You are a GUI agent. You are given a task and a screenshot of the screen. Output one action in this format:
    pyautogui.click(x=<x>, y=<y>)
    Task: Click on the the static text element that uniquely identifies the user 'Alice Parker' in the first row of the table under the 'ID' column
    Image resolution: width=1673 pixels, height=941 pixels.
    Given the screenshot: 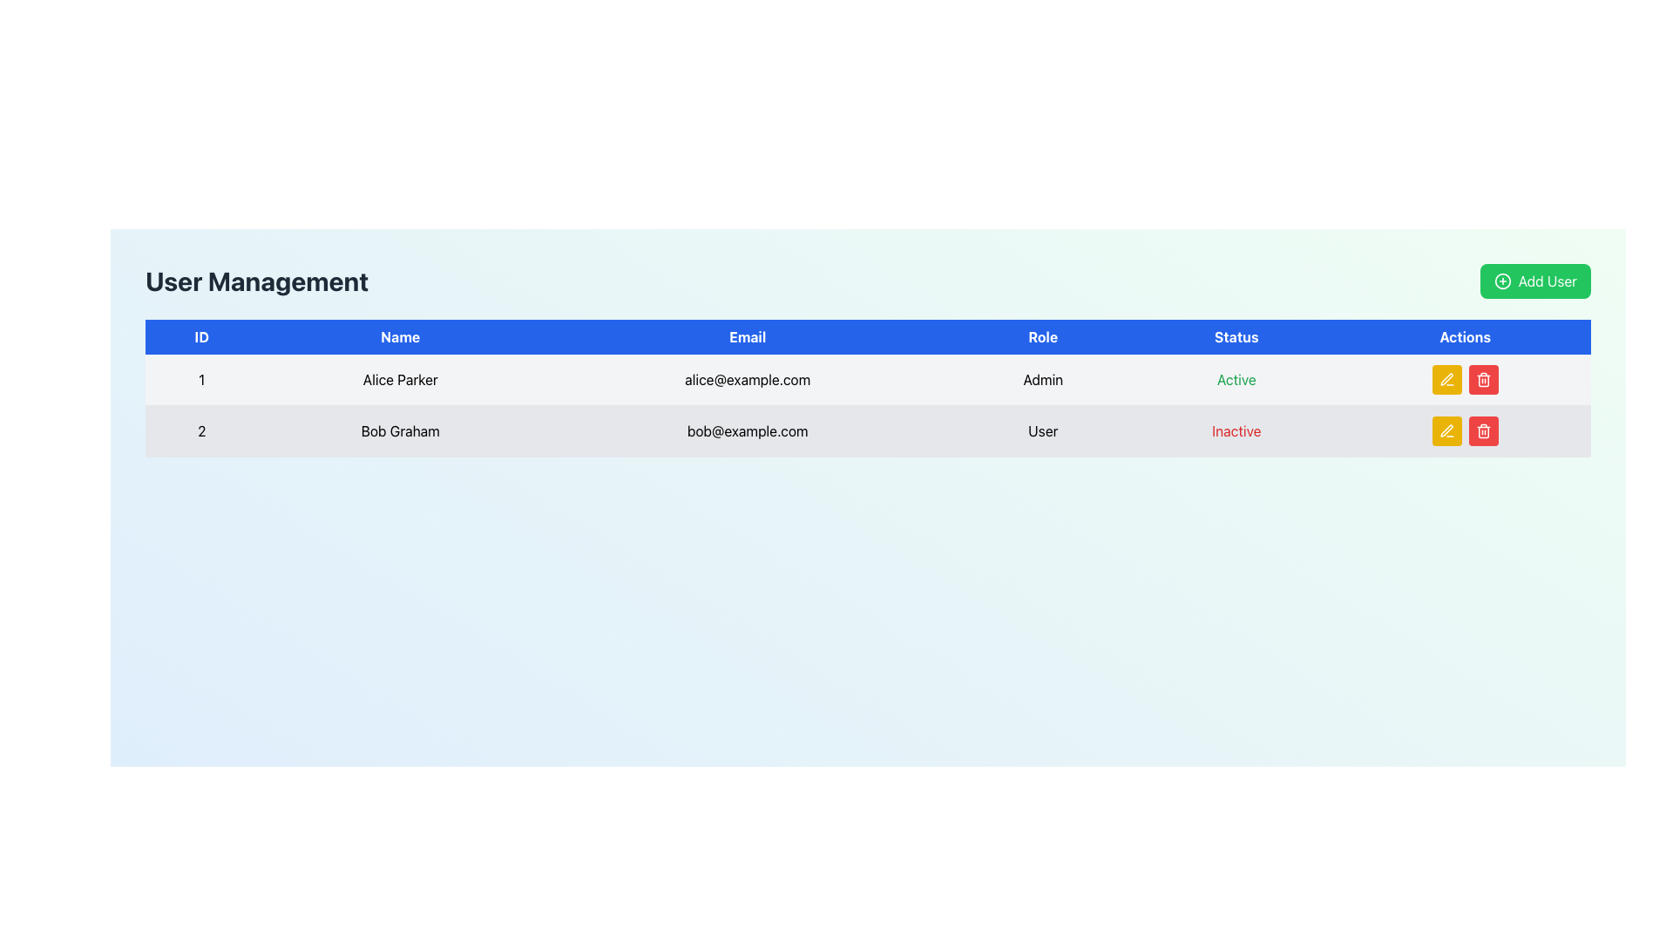 What is the action you would take?
    pyautogui.click(x=201, y=379)
    